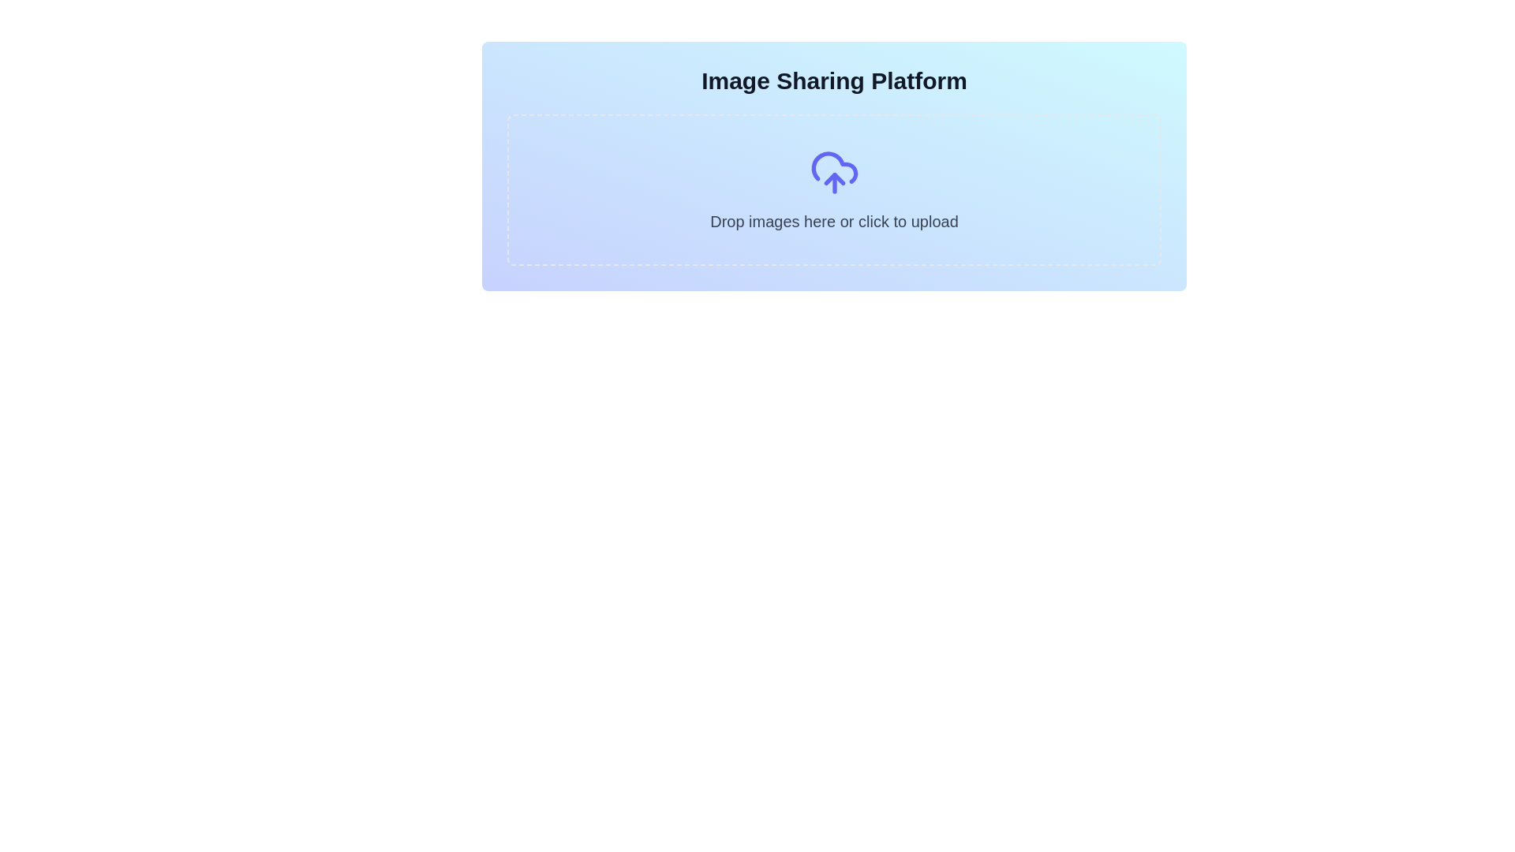  What do you see at coordinates (833, 81) in the screenshot?
I see `the static header text at the top center of the image-sharing platform, indicating the purpose of the interface` at bounding box center [833, 81].